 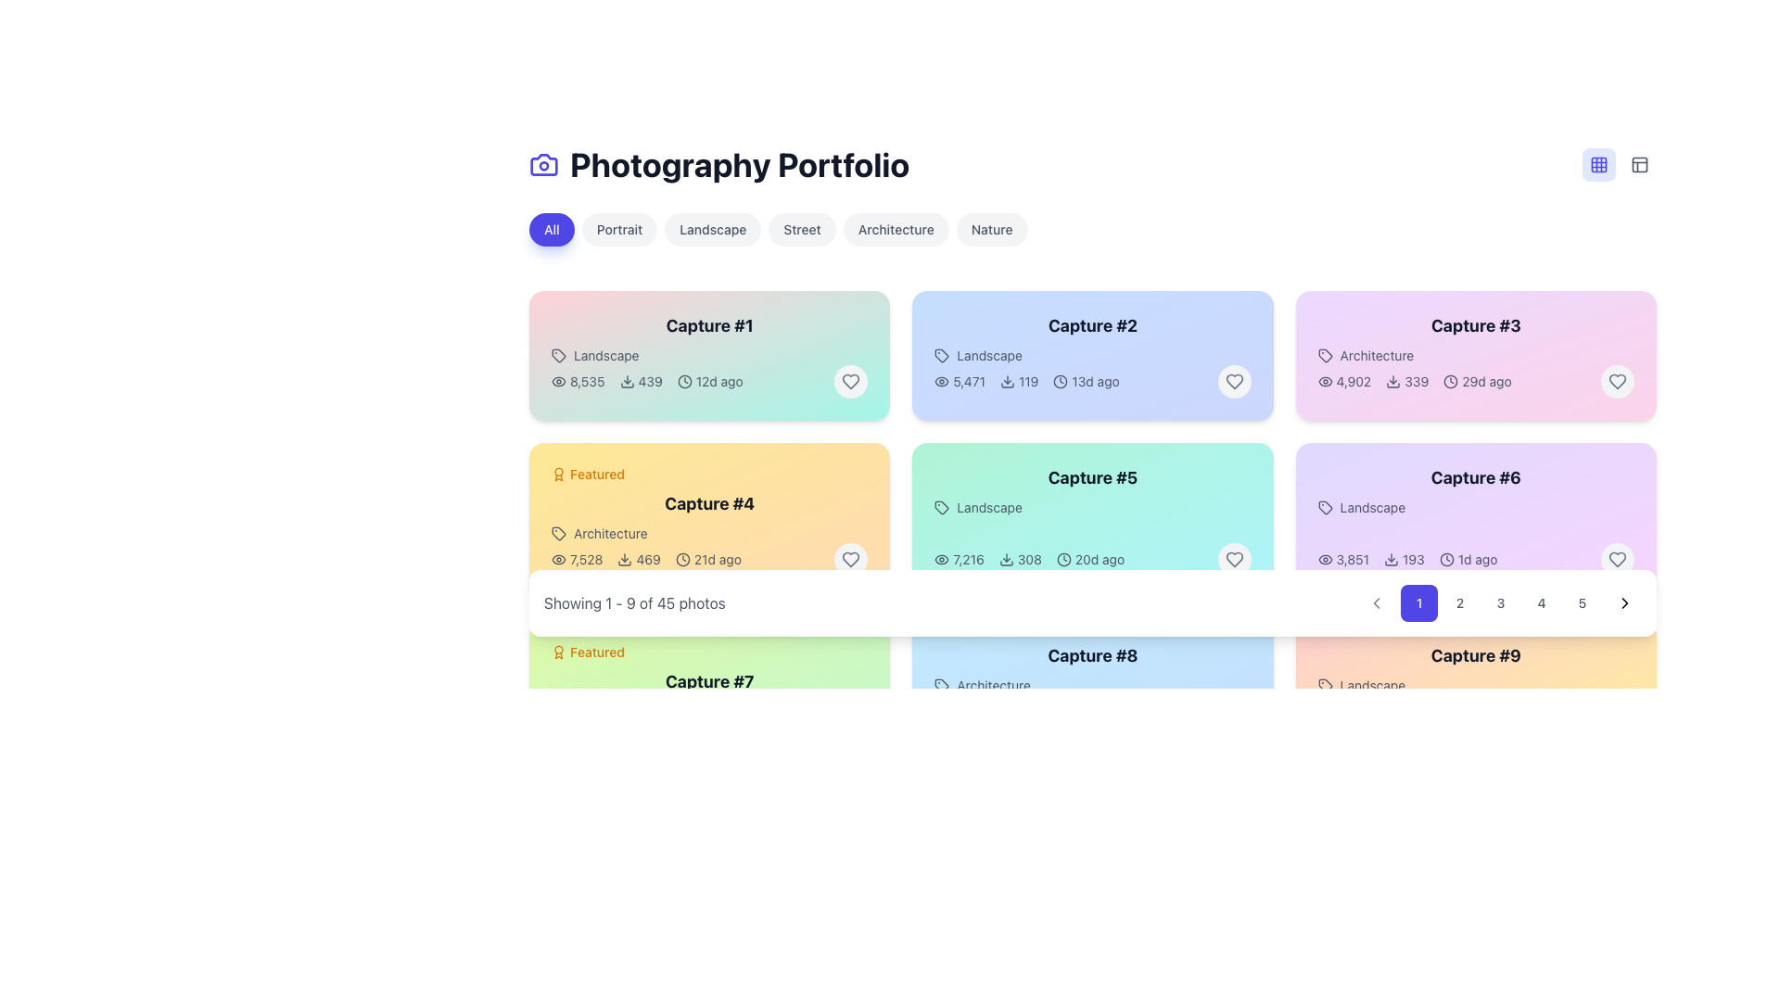 What do you see at coordinates (1623, 603) in the screenshot?
I see `the right-facing chevron icon button located at the farthest right position in the pagination control` at bounding box center [1623, 603].